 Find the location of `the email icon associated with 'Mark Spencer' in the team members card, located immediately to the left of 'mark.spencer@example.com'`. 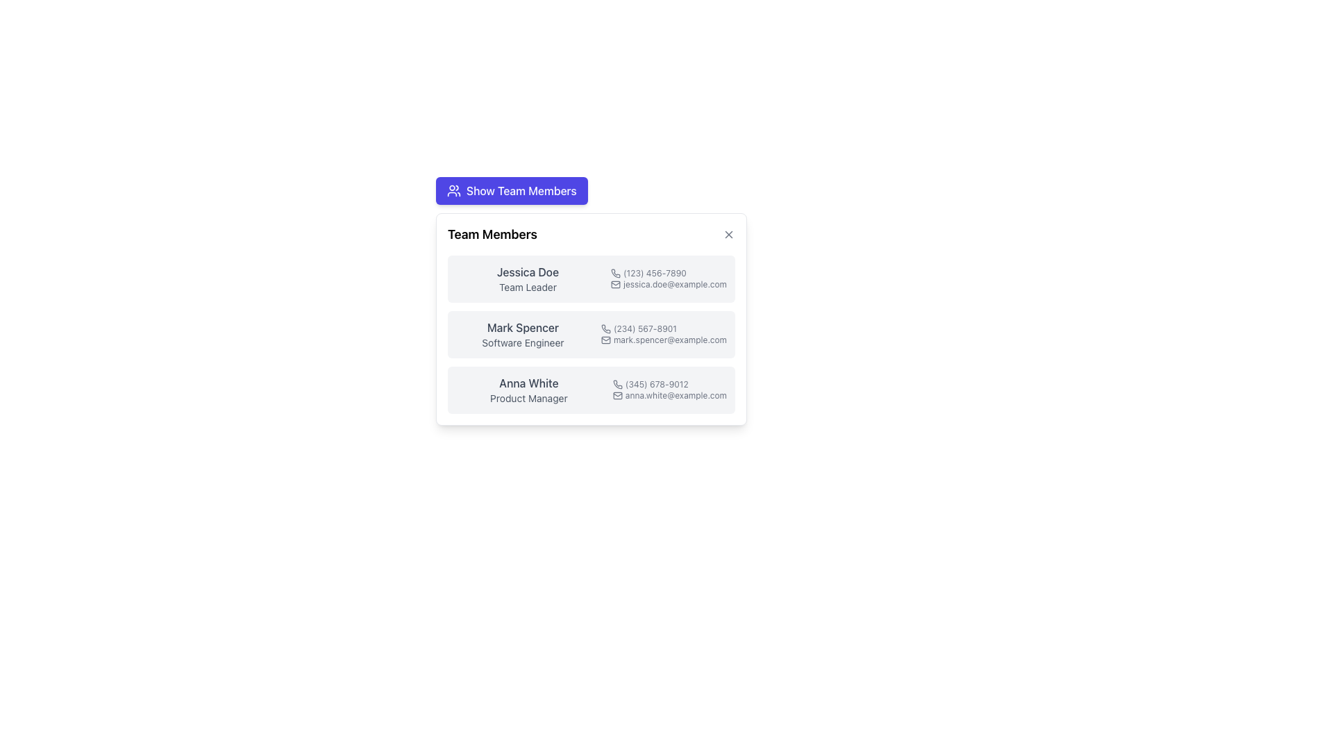

the email icon associated with 'Mark Spencer' in the team members card, located immediately to the left of 'mark.spencer@example.com' is located at coordinates (605, 340).